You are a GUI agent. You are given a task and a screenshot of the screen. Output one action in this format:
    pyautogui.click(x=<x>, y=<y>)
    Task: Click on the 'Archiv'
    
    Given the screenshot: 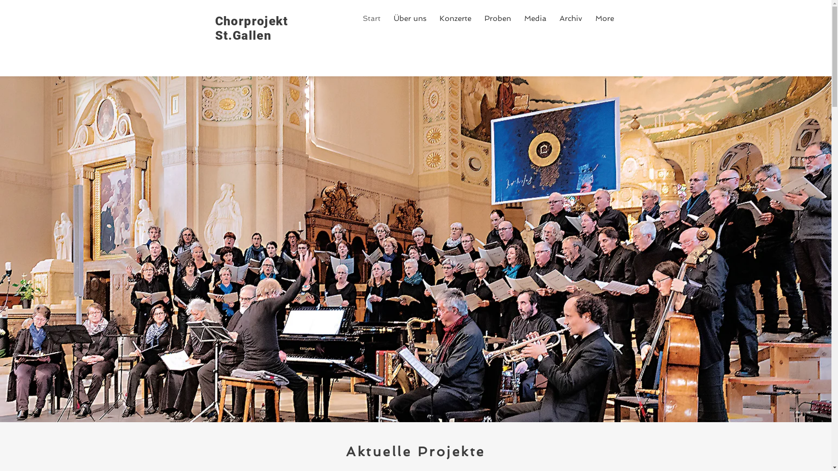 What is the action you would take?
    pyautogui.click(x=570, y=18)
    